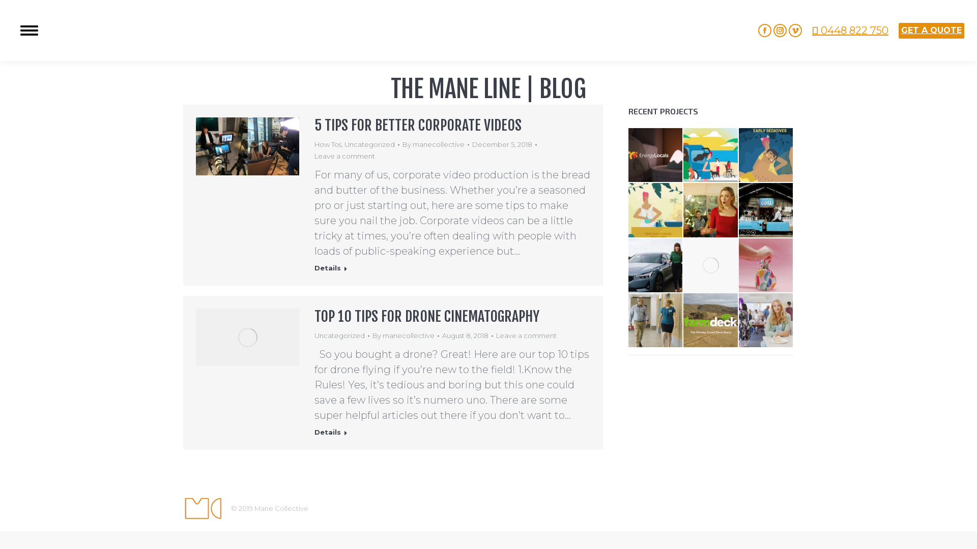  I want to click on 'Details', so click(331, 269).